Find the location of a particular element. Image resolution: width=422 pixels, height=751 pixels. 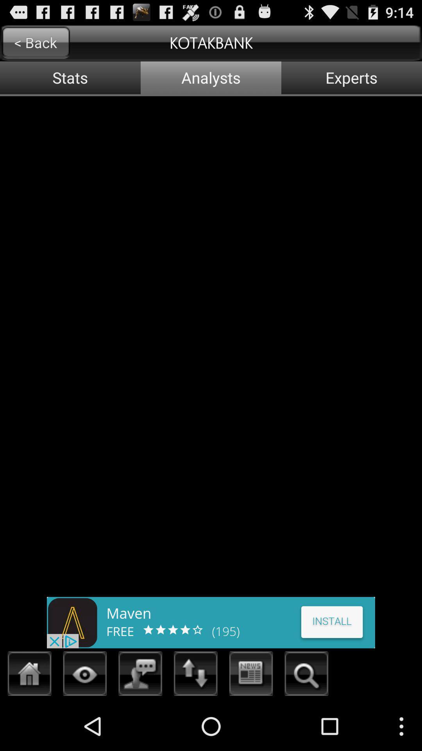

shows update infomation about app is located at coordinates (251, 676).